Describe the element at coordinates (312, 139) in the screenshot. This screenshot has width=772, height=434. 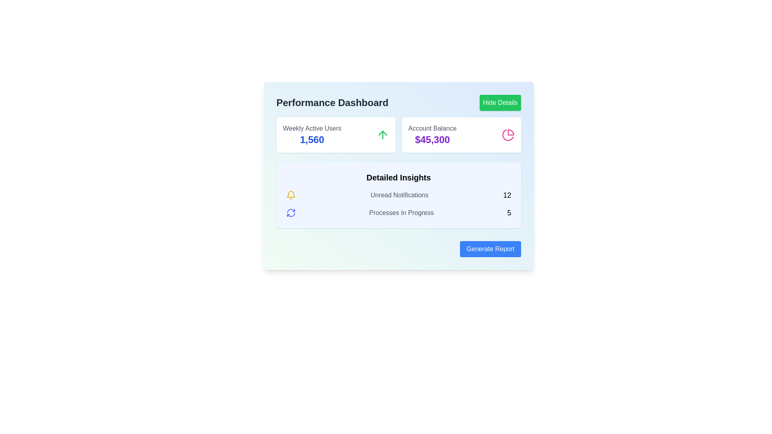
I see `the text display element that shows the number of weekly active users, located within the white rectangle in the top-left portion of the 'Performance Dashboard' card` at that location.